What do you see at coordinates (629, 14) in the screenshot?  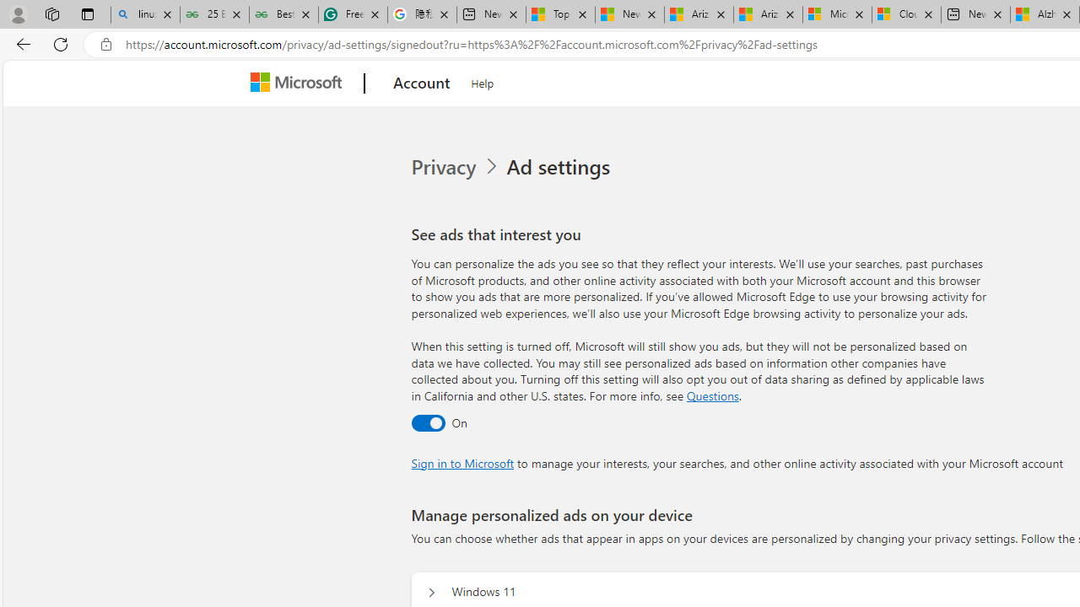 I see `'News - MSN'` at bounding box center [629, 14].